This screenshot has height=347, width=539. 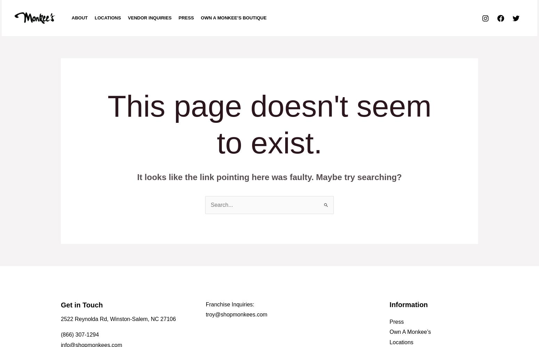 What do you see at coordinates (107, 18) in the screenshot?
I see `'LOCATIONS'` at bounding box center [107, 18].